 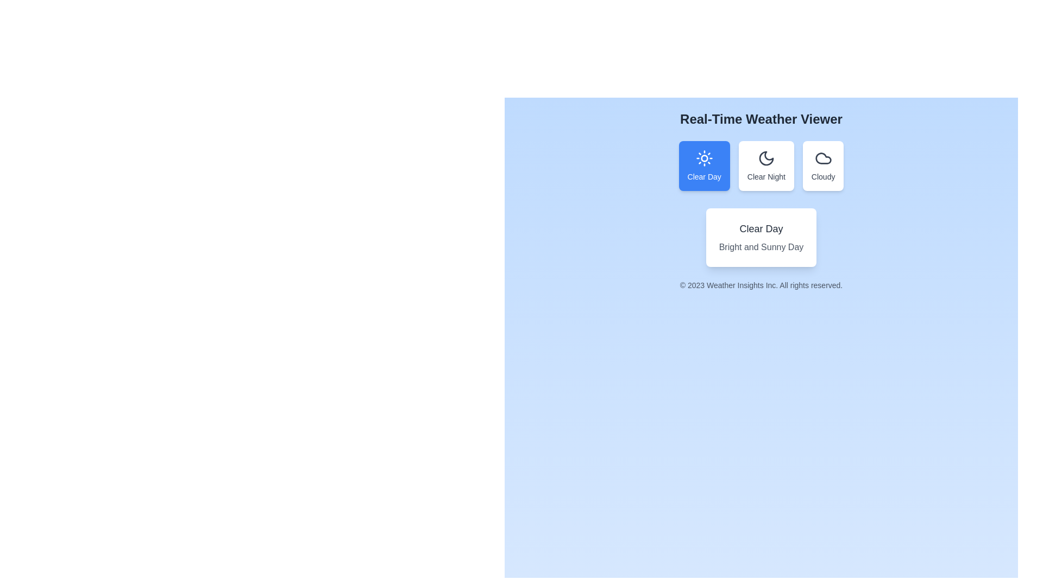 What do you see at coordinates (765, 158) in the screenshot?
I see `the weather condition icon representing a clear night, which is centrally positioned in the upper half of the 'Clear Night' card` at bounding box center [765, 158].